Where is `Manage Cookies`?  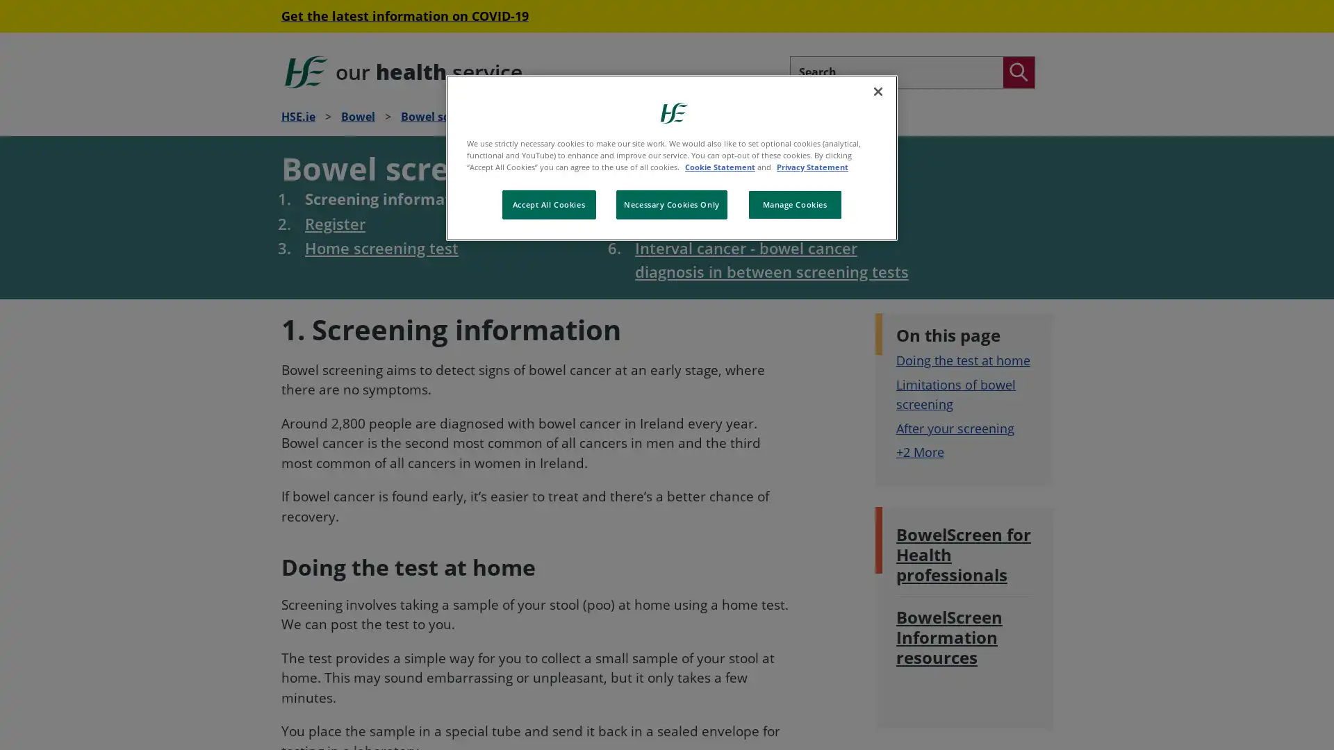 Manage Cookies is located at coordinates (794, 204).